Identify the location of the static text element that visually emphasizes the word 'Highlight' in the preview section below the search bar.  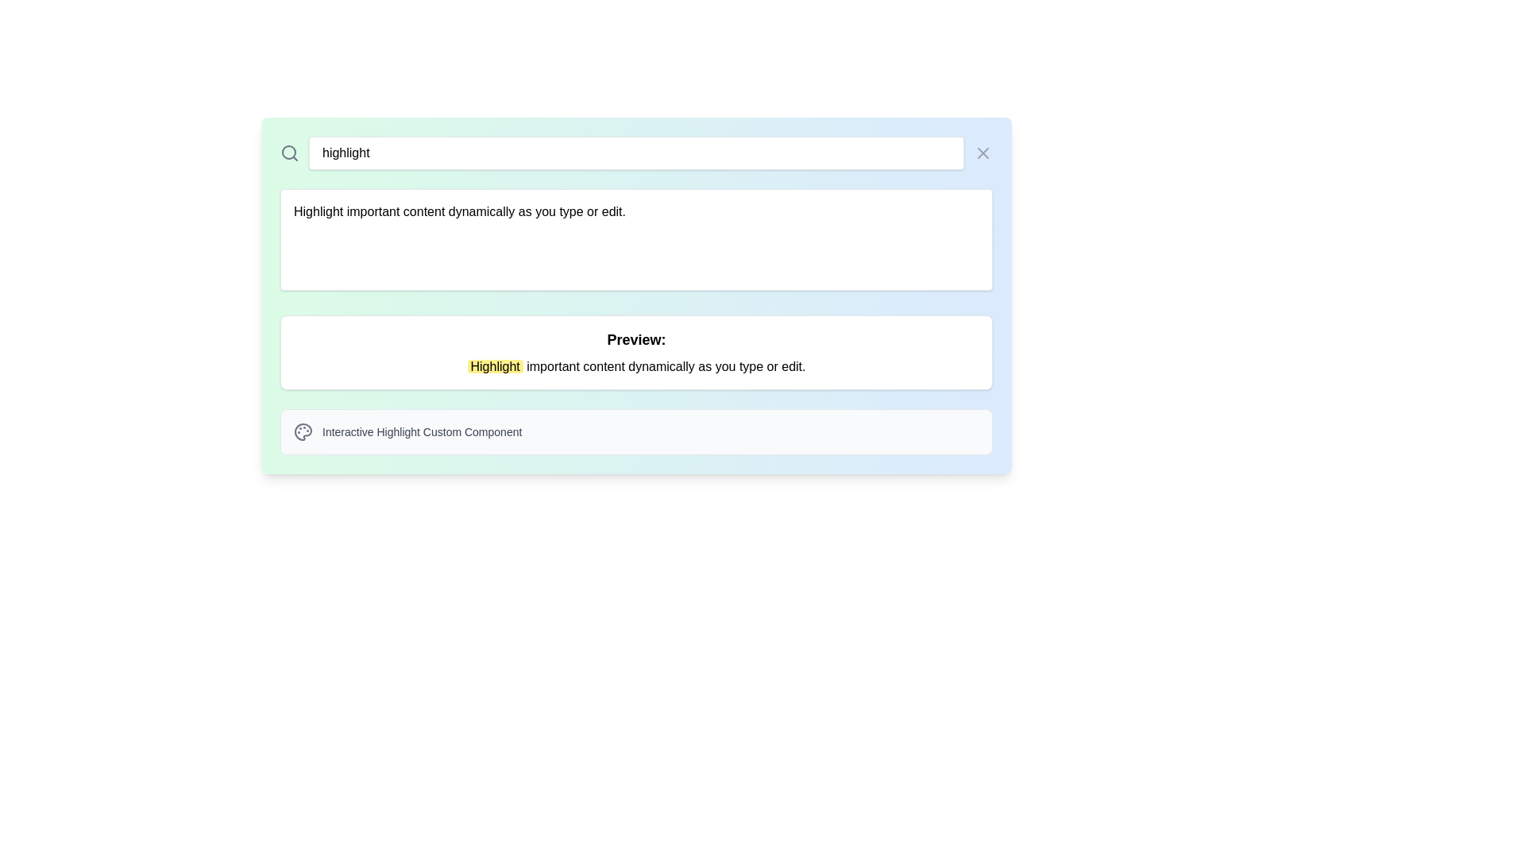
(494, 366).